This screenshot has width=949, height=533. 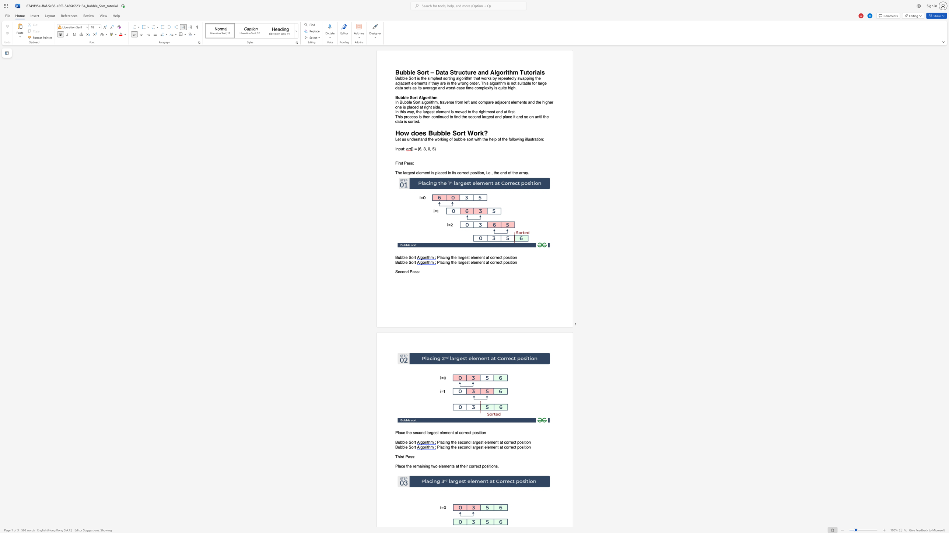 I want to click on the subset text "rk?" within the text "How does Bubble Sort Work?", so click(x=477, y=133).